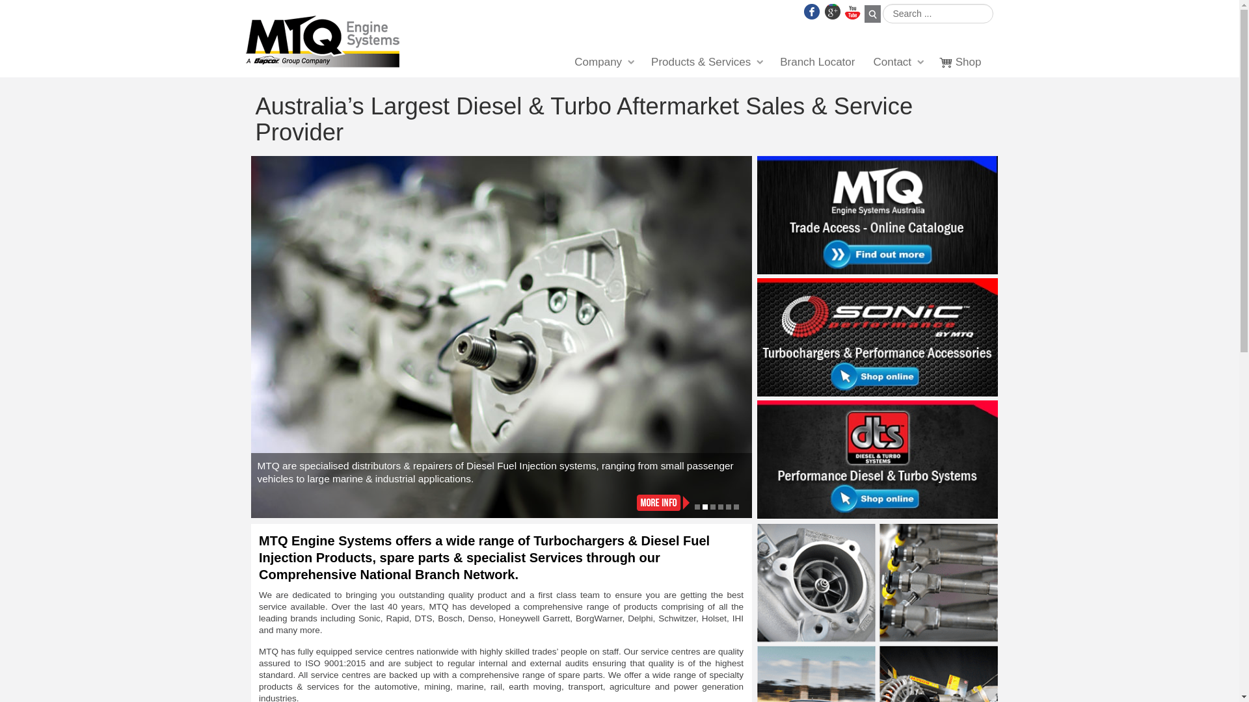 This screenshot has width=1249, height=702. I want to click on 'MTQ Online Catalogue', so click(877, 214).